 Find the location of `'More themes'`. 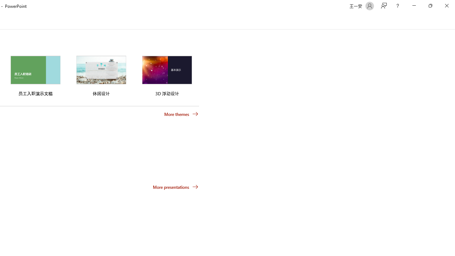

'More themes' is located at coordinates (181, 114).